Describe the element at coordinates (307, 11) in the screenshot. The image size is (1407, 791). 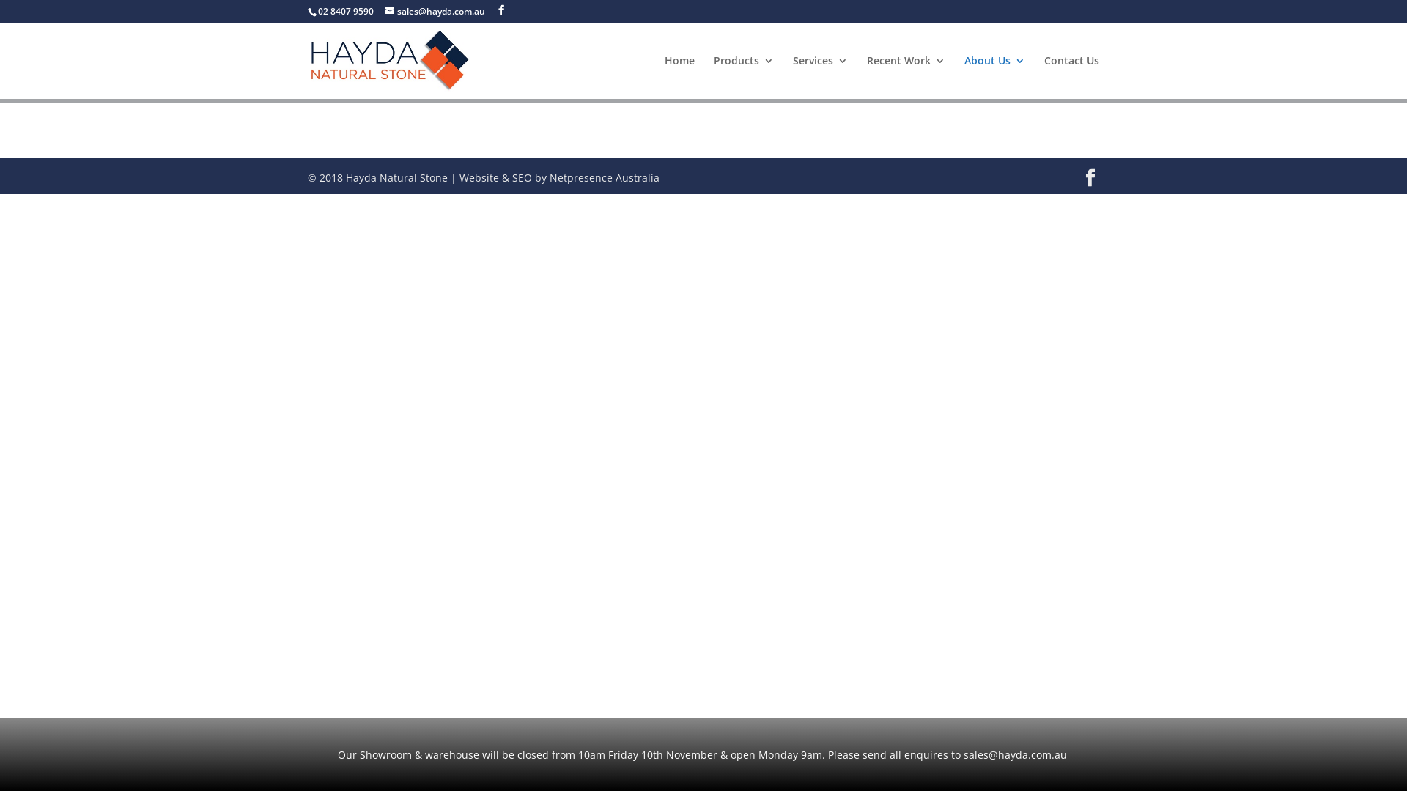
I see `'02 8407 9590'` at that location.